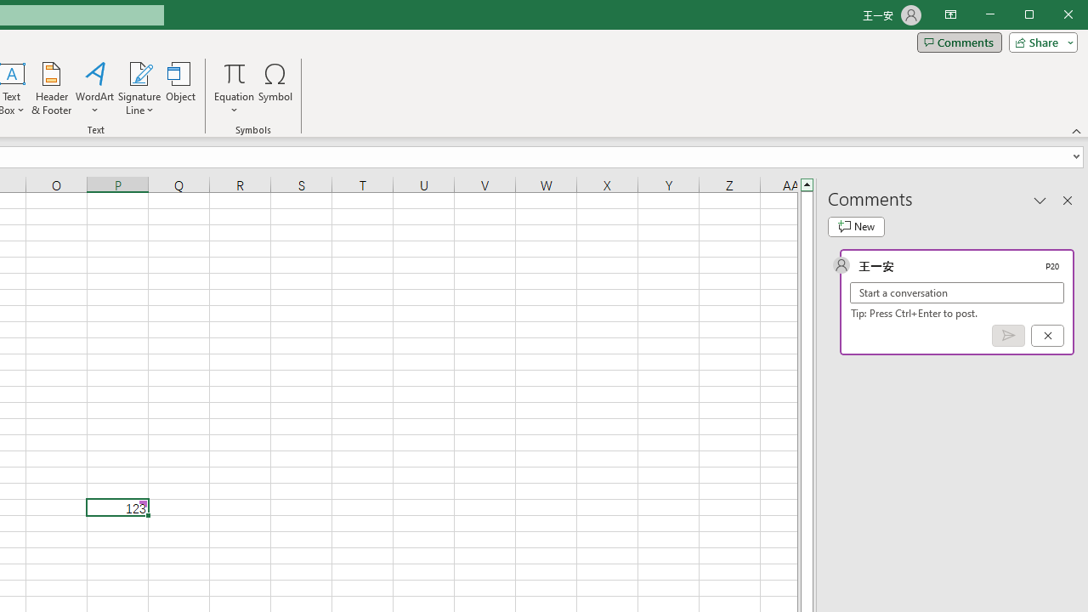 This screenshot has height=612, width=1088. Describe the element at coordinates (1040, 199) in the screenshot. I see `'Task Pane Options'` at that location.